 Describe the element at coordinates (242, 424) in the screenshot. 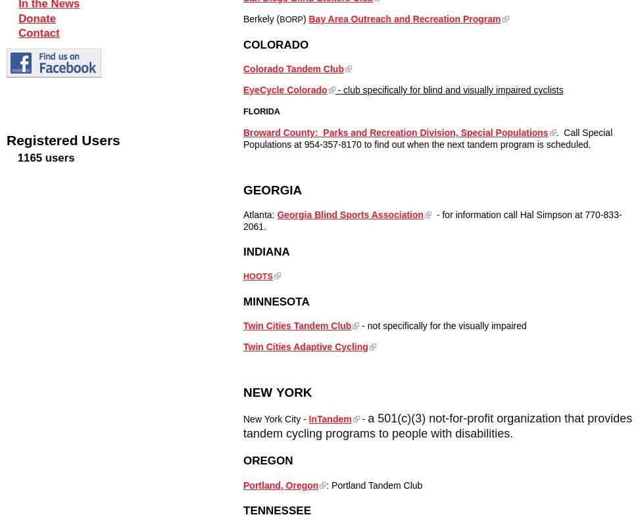

I see `'a 501(c)(3) not-for-profit organization that provides tandem cycling programs to people with disabilities.'` at that location.